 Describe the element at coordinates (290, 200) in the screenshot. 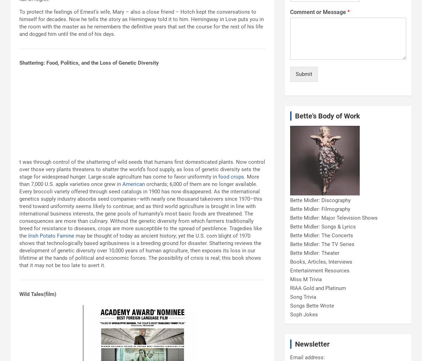

I see `'Bette Midler: Discography'` at that location.